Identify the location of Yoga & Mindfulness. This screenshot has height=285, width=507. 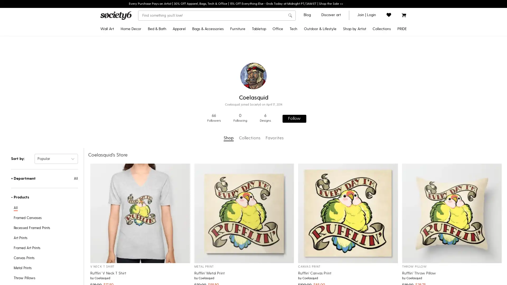
(362, 127).